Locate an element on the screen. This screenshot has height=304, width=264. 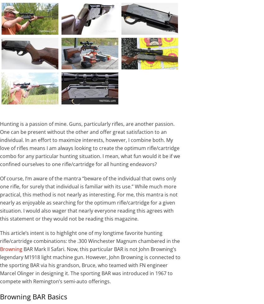
'Of course, I’m aware of the mantra “beware of the individual that owns only one rifle, for surely that individual is familiar with its use.” While much more practical, this method is not nearly as interesting. For me, this mantra is not nearly as enjoyable as searching for the optimum rifle/cartridge for a given situation. I would also wager that nearly everyone reading this agrees with this statement or they would not be reading this magazine.' is located at coordinates (89, 198).